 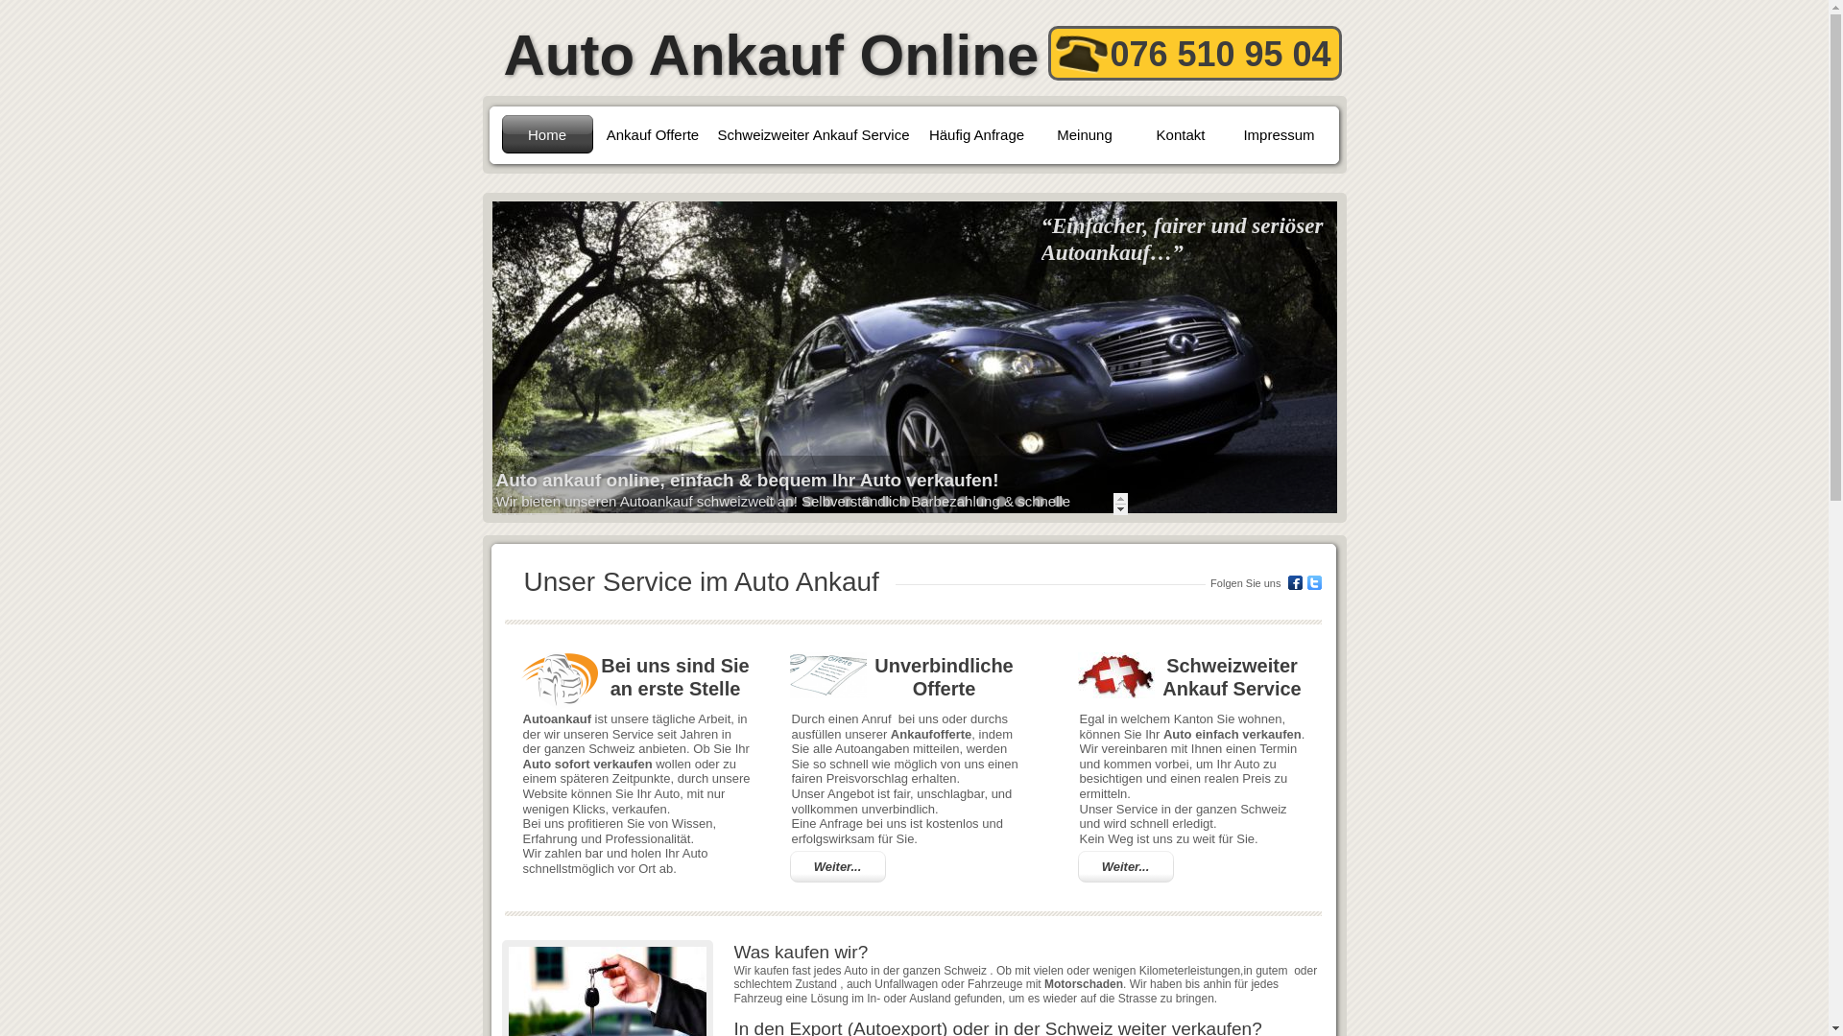 I want to click on 'Impressum', so click(x=1279, y=132).